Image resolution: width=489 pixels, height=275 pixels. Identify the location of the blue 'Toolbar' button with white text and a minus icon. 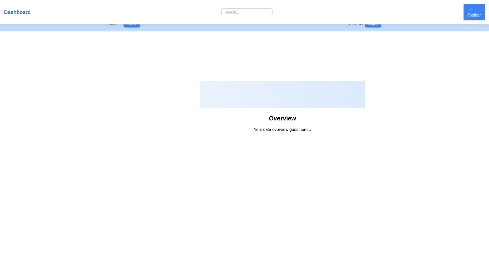
(474, 12).